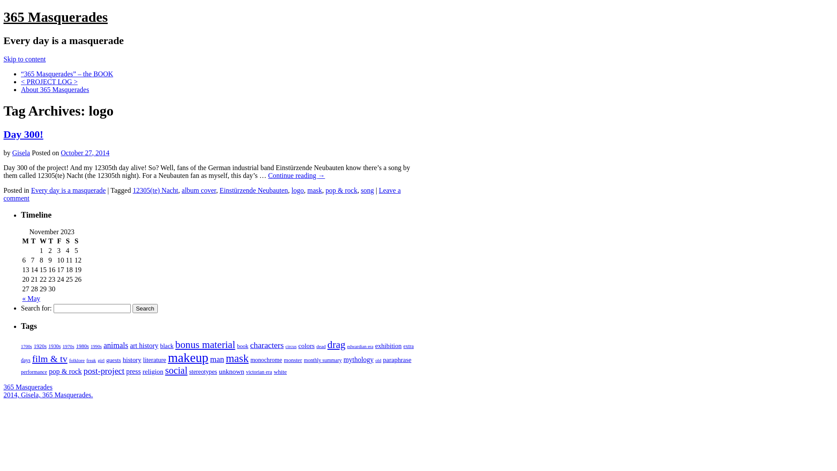  I want to click on 'monochrome', so click(250, 360).